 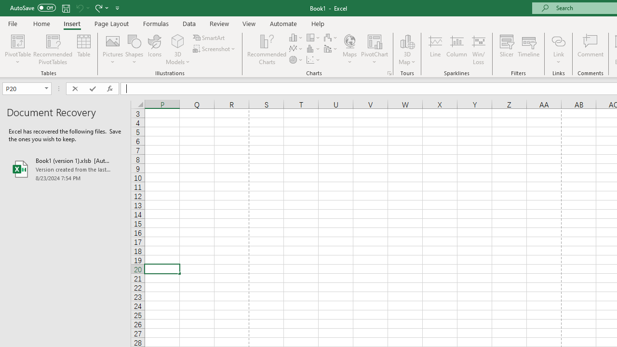 What do you see at coordinates (435, 50) in the screenshot?
I see `'Line'` at bounding box center [435, 50].